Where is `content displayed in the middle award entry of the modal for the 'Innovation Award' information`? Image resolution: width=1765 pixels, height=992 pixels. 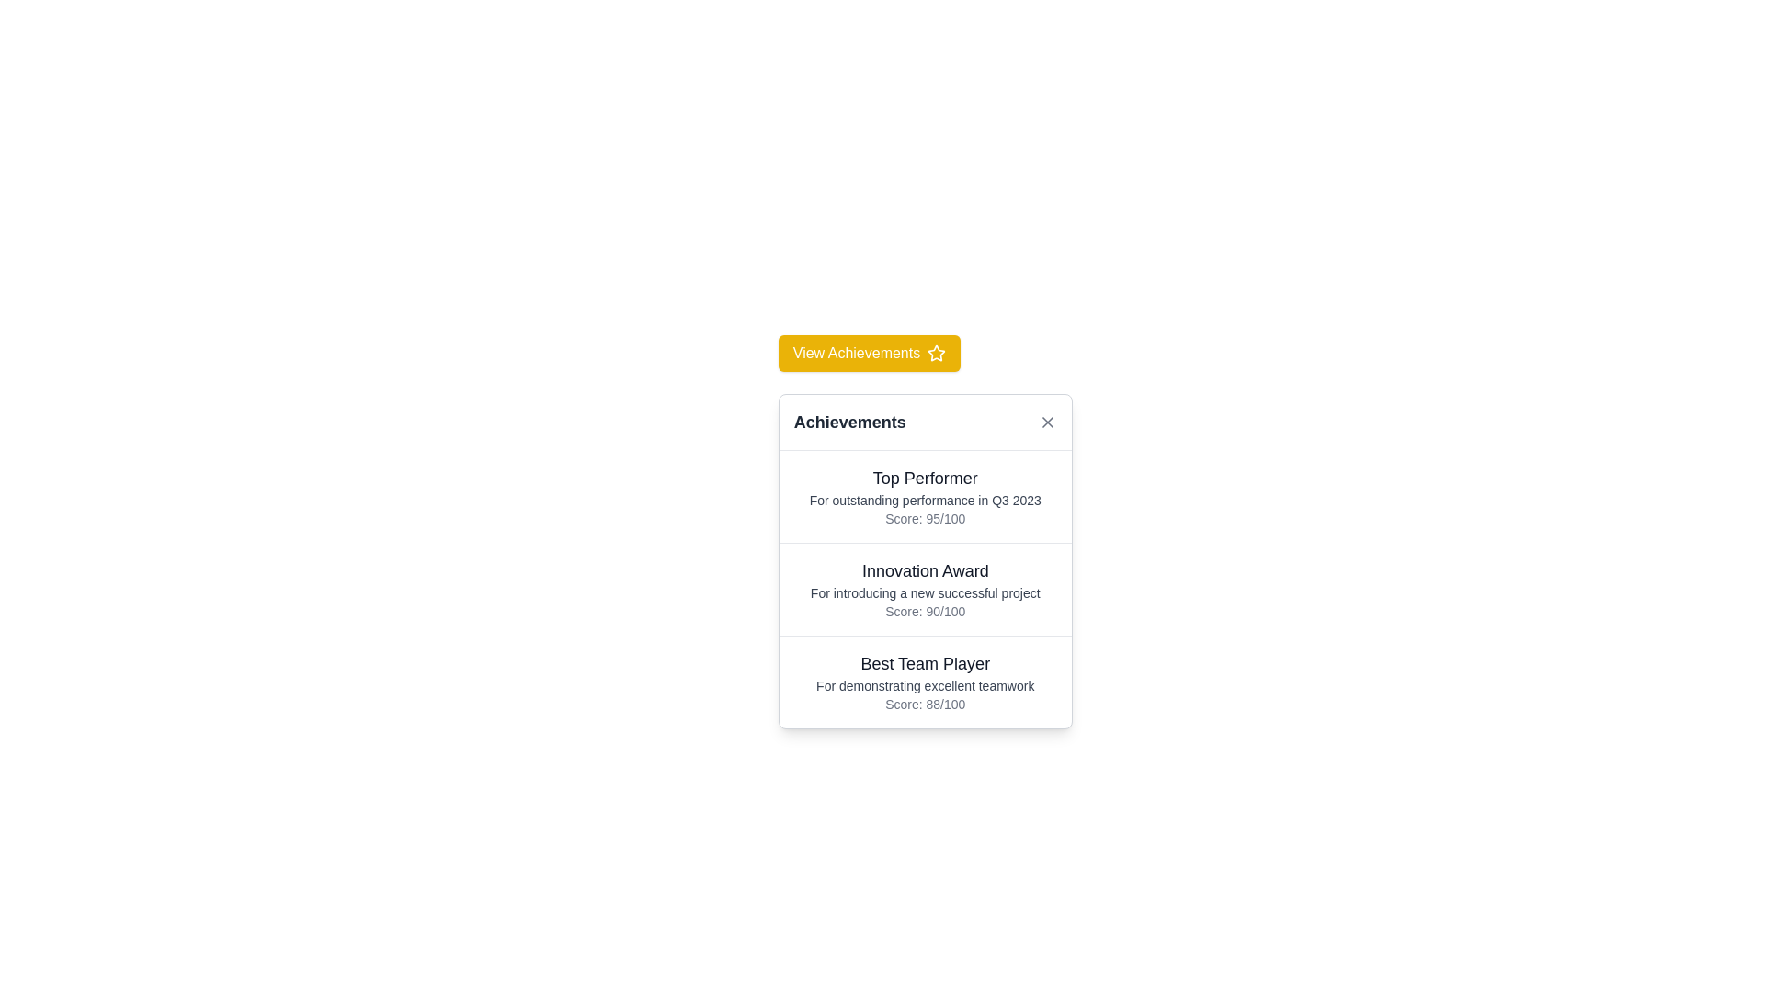
content displayed in the middle award entry of the modal for the 'Innovation Award' information is located at coordinates (925, 560).